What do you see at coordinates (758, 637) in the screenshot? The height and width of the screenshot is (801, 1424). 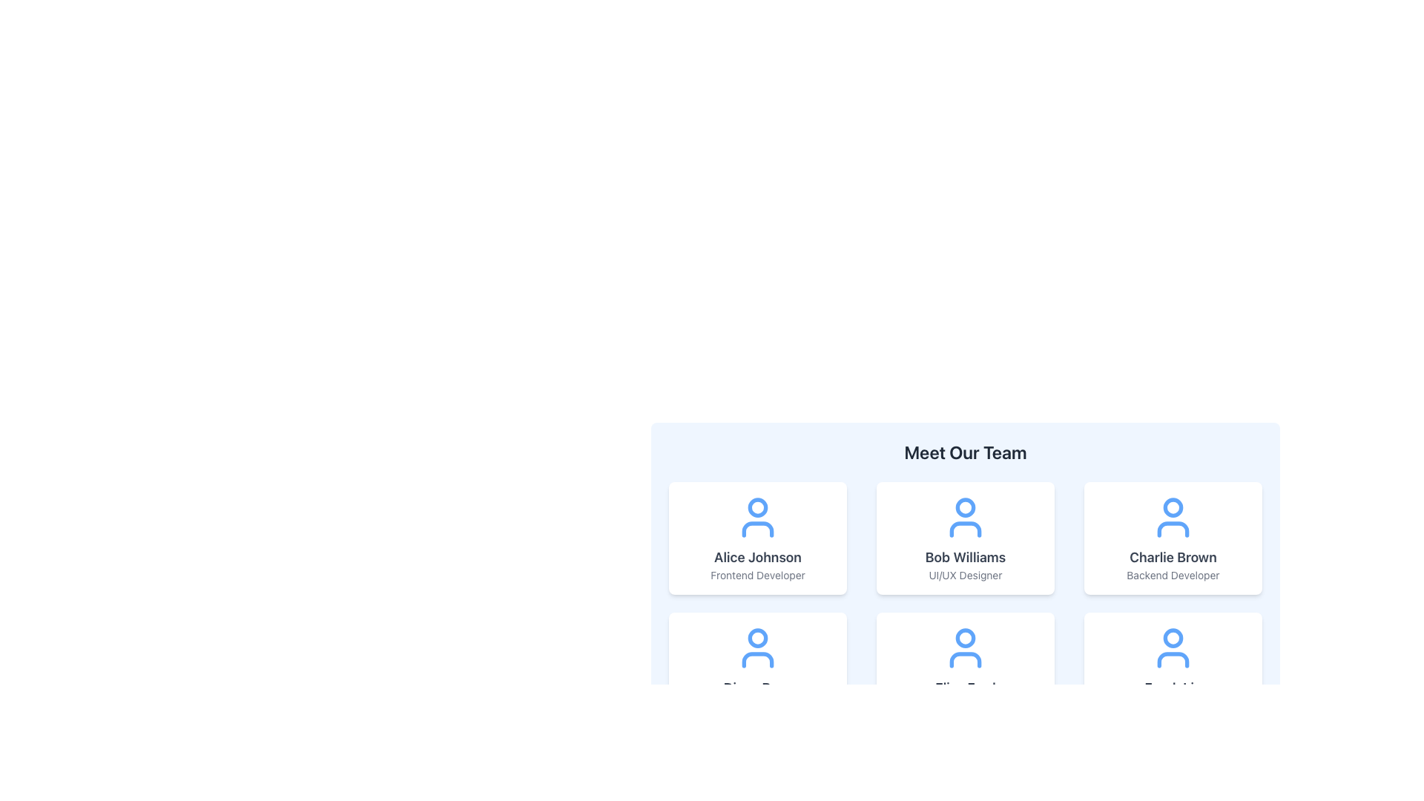 I see `the SVG circle representing the head of the user profile icon located in the second row, first column under the 'Meet Our Team' title` at bounding box center [758, 637].